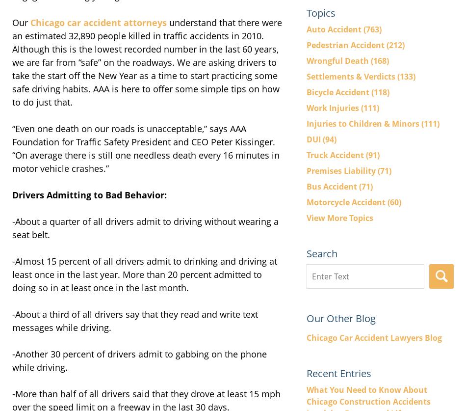  I want to click on '“Even one death on our roads is unacceptable,” says AAA Foundation for Traffic Safety President and CEO Peter Kissinger. “On average there is still one needless death every 16 minutes in motor vehicle crashes.”', so click(145, 148).